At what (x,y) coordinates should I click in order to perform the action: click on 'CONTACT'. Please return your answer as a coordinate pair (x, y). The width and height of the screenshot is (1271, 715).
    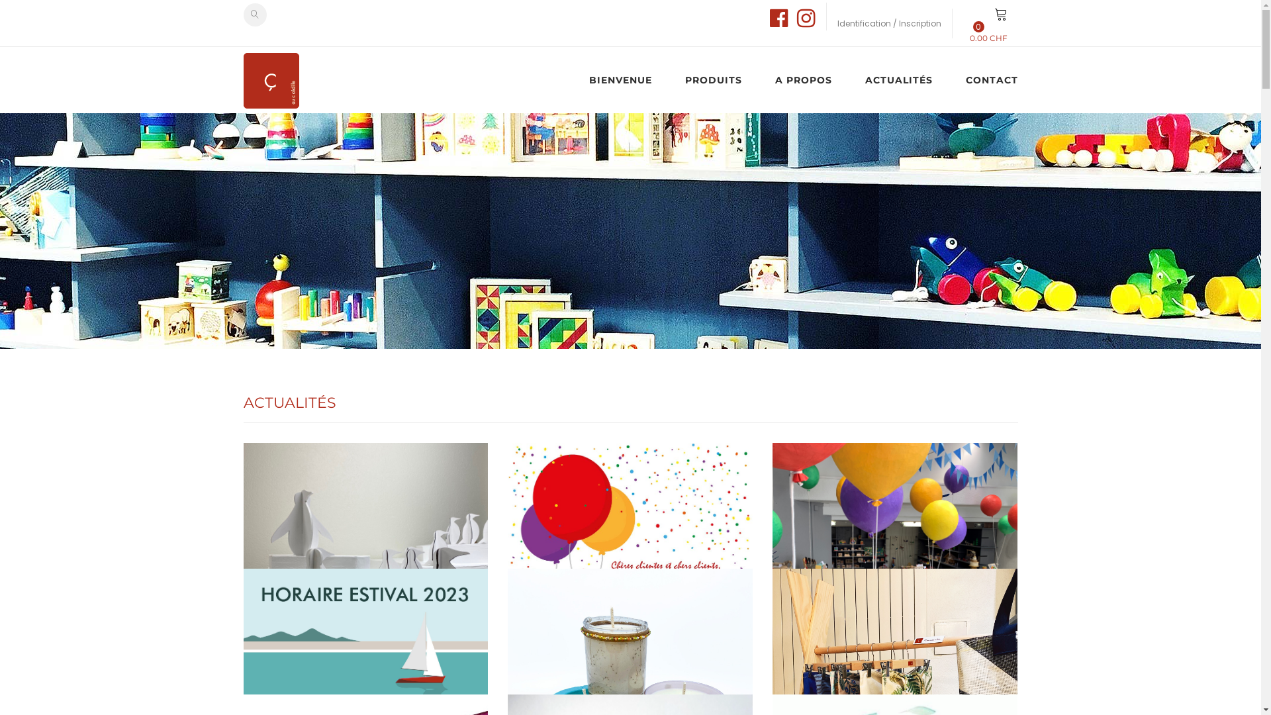
    Looking at the image, I should click on (984, 79).